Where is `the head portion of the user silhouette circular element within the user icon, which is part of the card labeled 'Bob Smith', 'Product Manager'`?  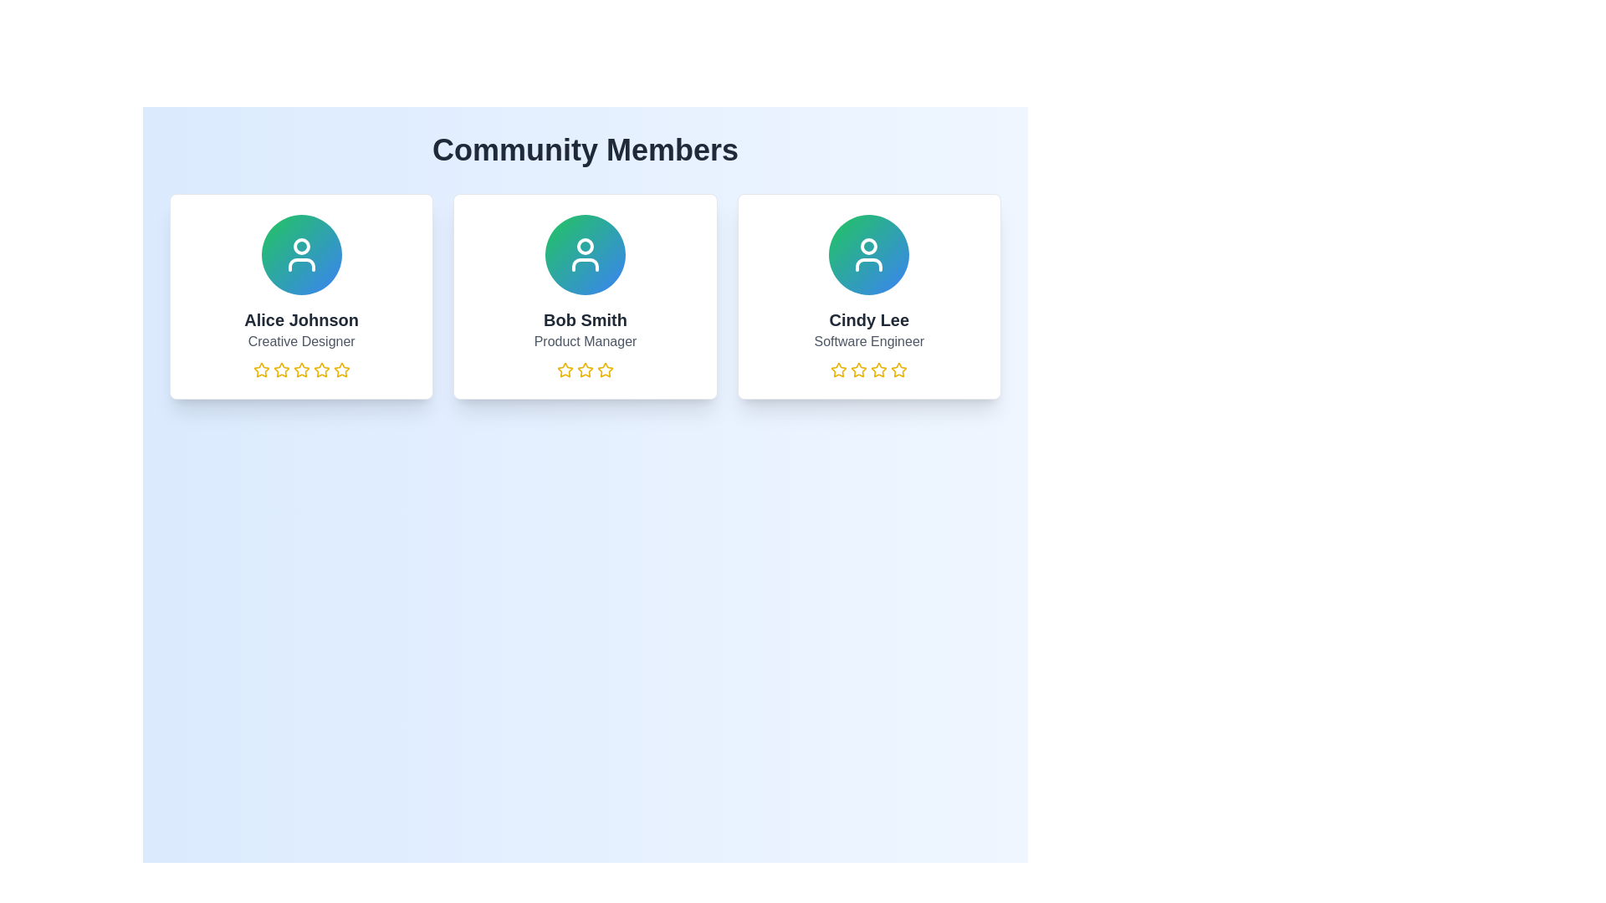 the head portion of the user silhouette circular element within the user icon, which is part of the card labeled 'Bob Smith', 'Product Manager' is located at coordinates (586, 246).